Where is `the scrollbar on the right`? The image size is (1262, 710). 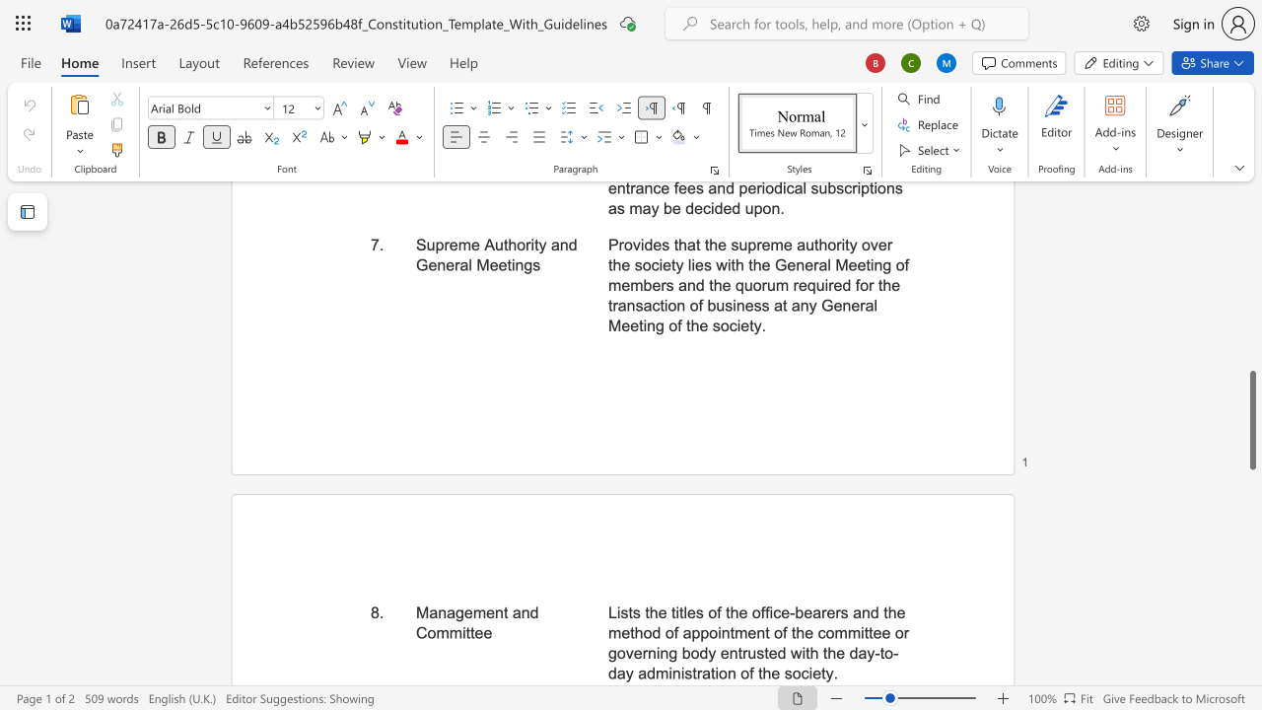
the scrollbar on the right is located at coordinates (1251, 323).